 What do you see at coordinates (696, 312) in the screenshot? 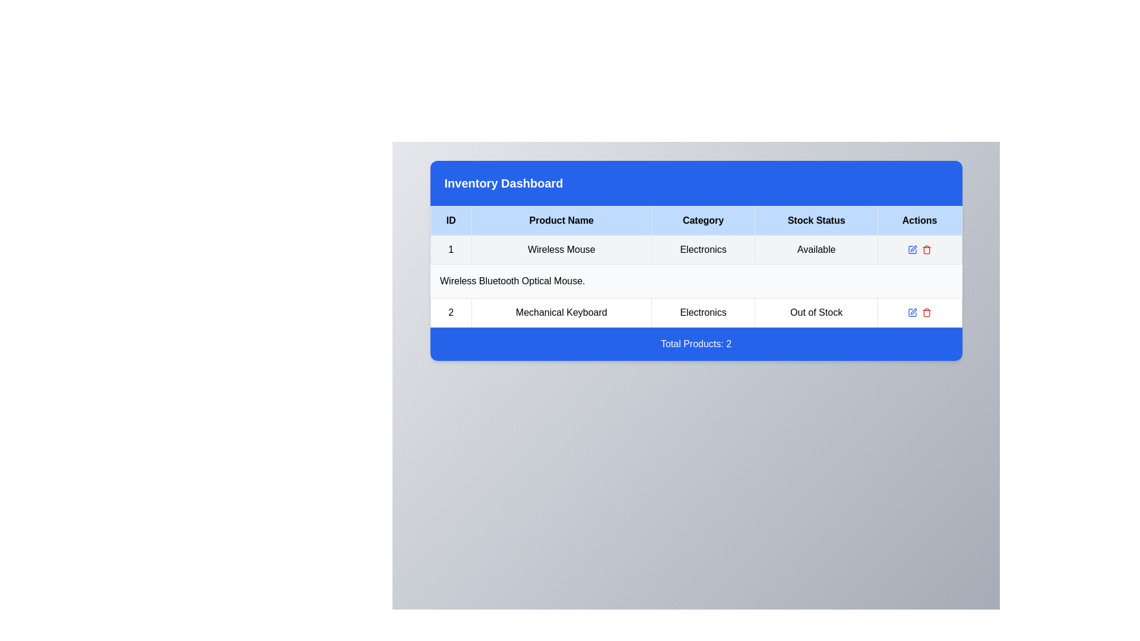
I see `the second row of the table in the 'Inventory Dashboard' section` at bounding box center [696, 312].